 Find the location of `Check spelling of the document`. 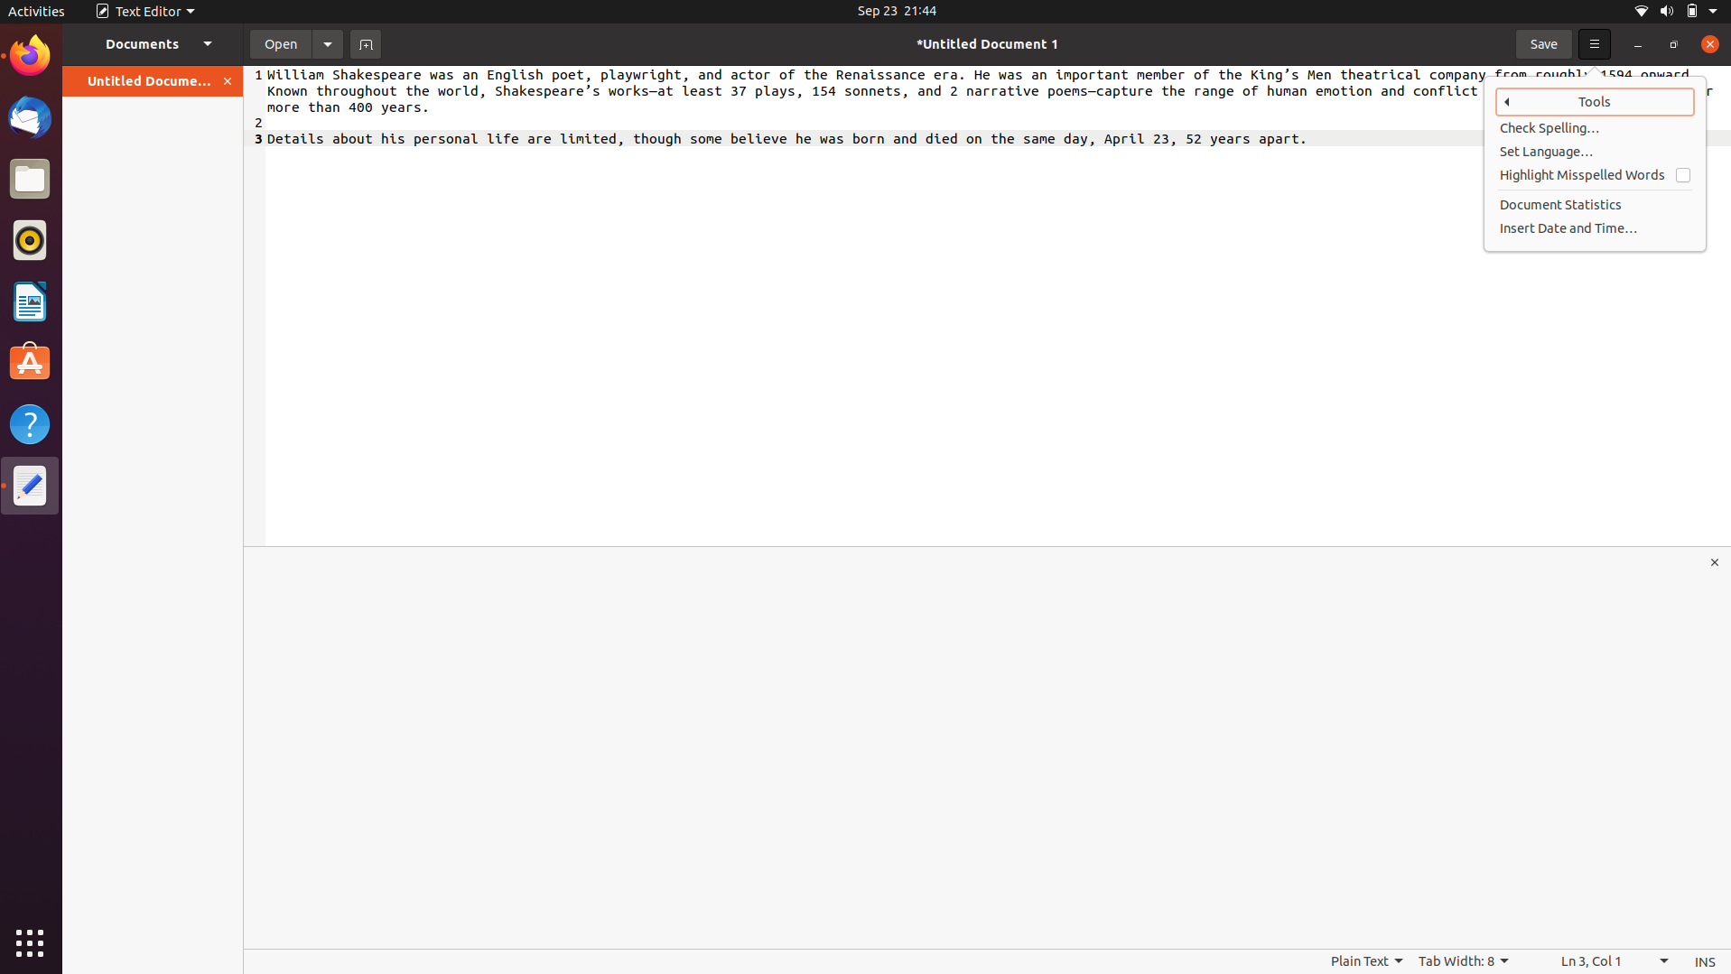

Check spelling of the document is located at coordinates (1596, 128).